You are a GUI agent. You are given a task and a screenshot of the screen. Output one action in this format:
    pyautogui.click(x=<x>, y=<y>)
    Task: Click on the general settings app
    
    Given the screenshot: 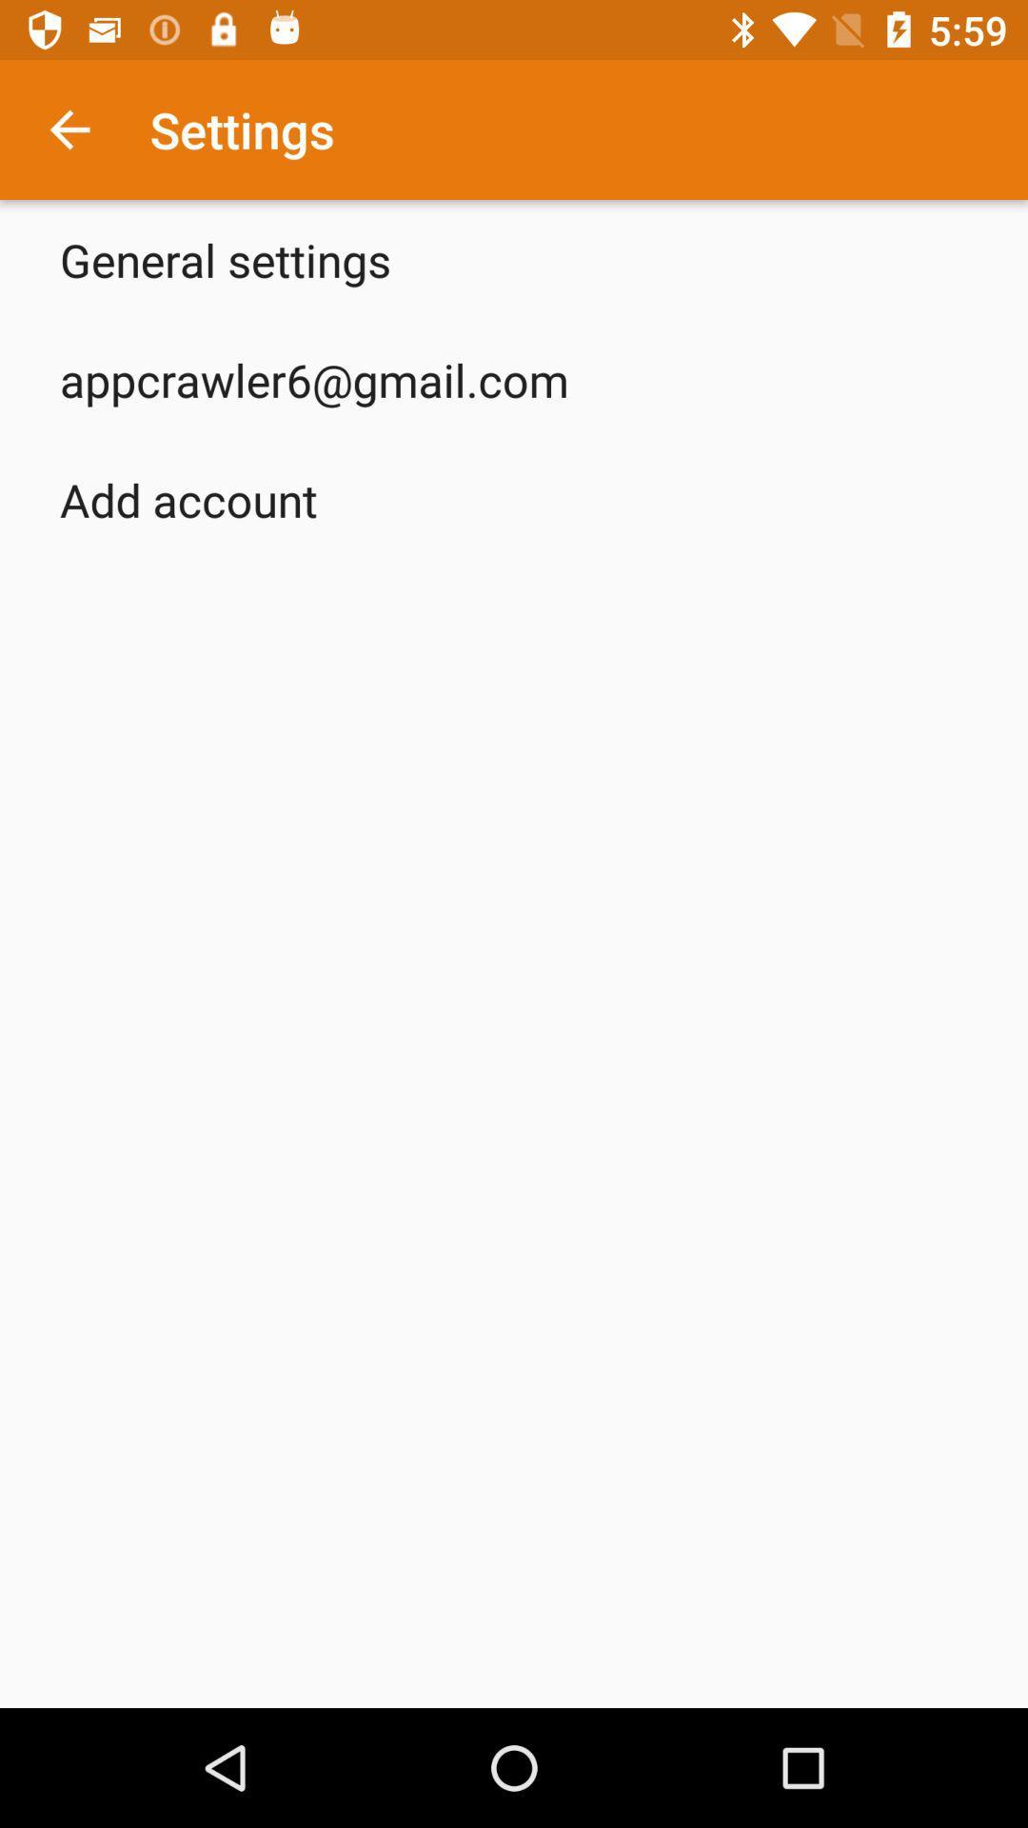 What is the action you would take?
    pyautogui.click(x=224, y=259)
    